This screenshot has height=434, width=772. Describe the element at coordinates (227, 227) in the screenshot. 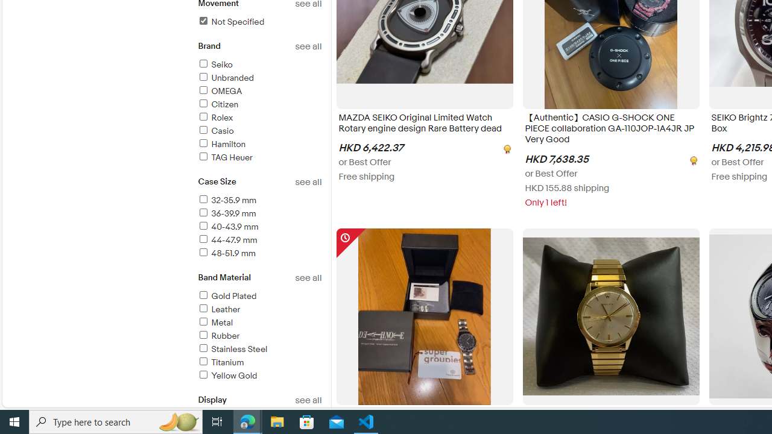

I see `'40-43.9 mm'` at that location.